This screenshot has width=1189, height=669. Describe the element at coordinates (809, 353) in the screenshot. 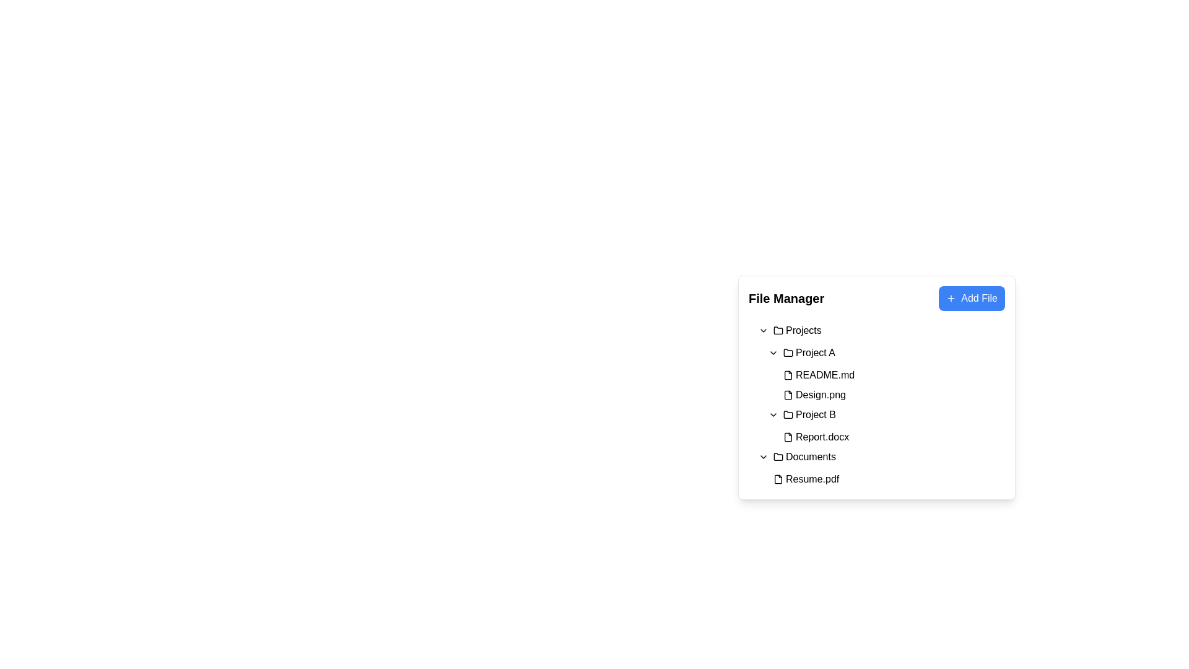

I see `the 'Project A' text label with a folder icon` at that location.